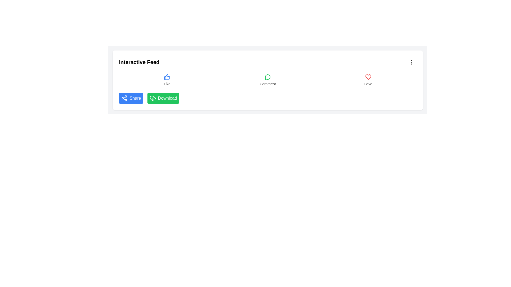 Image resolution: width=511 pixels, height=287 pixels. I want to click on the 'like' button located in the leftmost column of a three-column layout for keyboard navigation, so click(167, 80).